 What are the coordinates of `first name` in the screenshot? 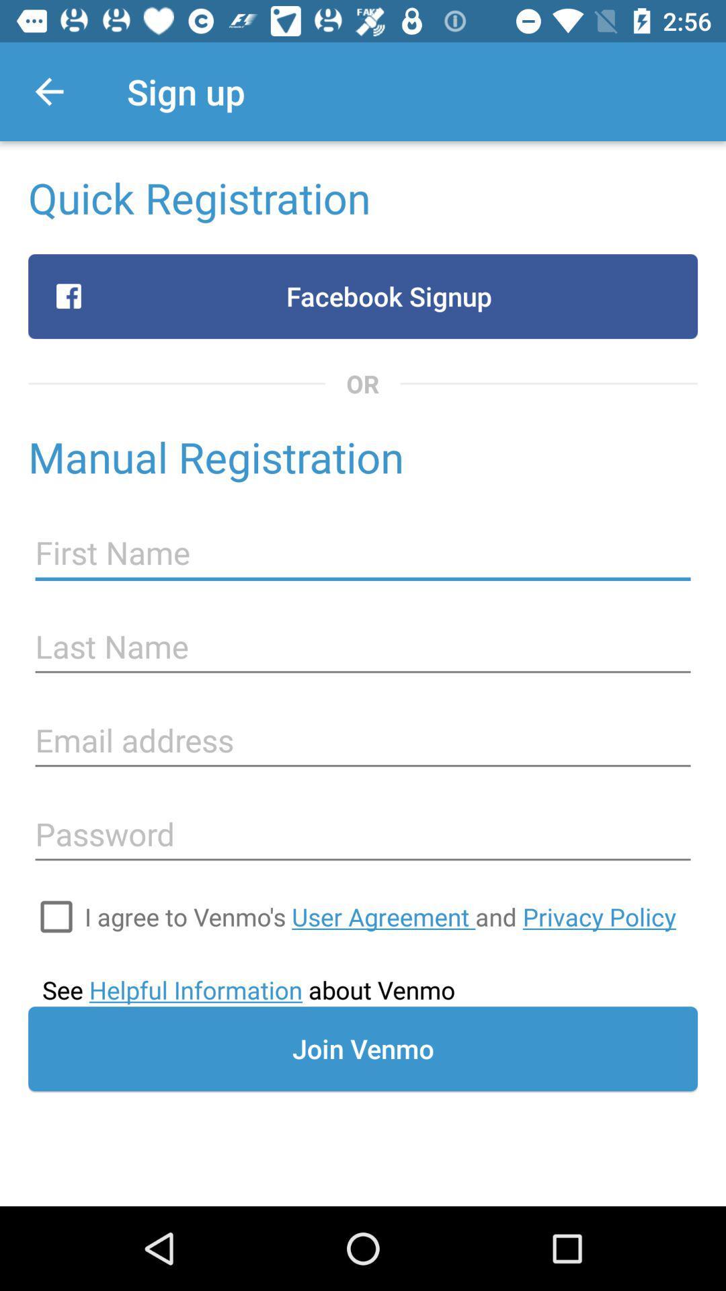 It's located at (363, 553).